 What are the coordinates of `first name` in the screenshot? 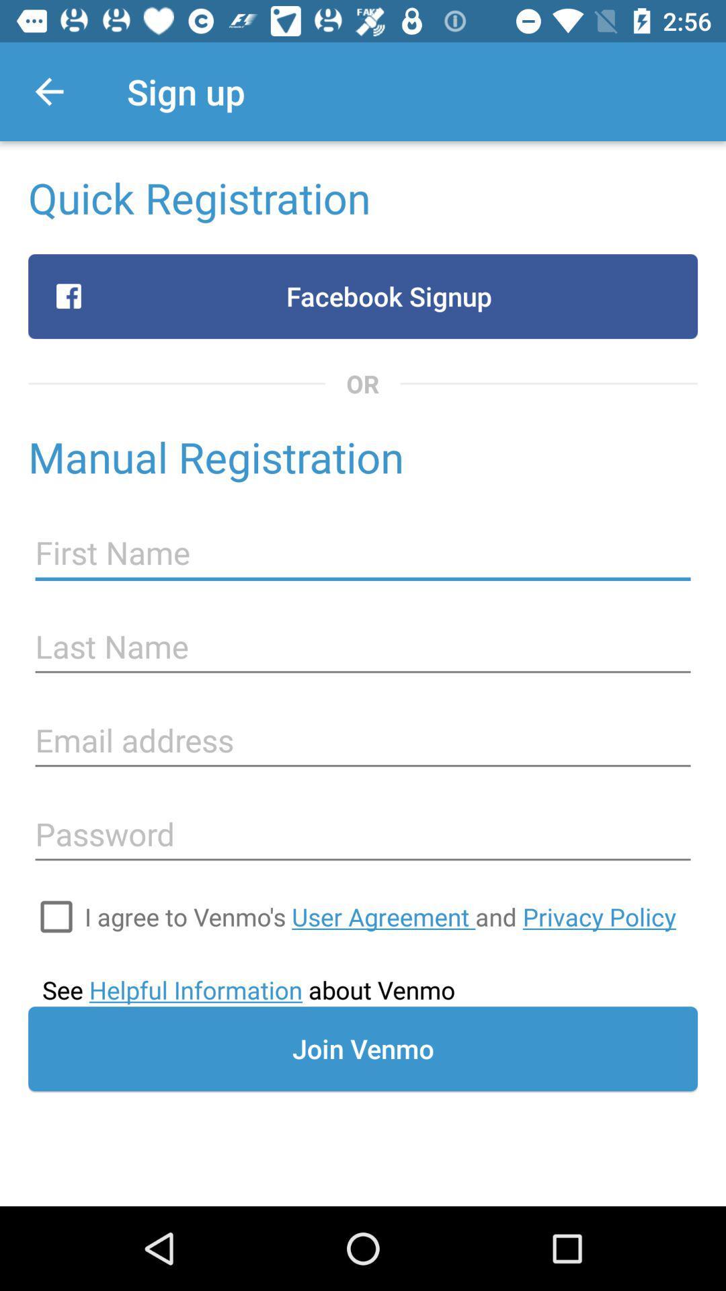 It's located at (363, 553).